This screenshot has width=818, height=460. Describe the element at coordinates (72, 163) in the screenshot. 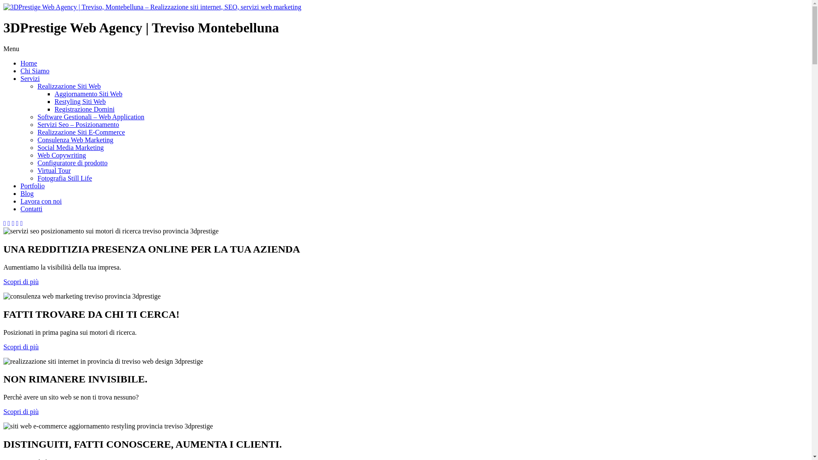

I see `'Configuratore di prodotto'` at that location.